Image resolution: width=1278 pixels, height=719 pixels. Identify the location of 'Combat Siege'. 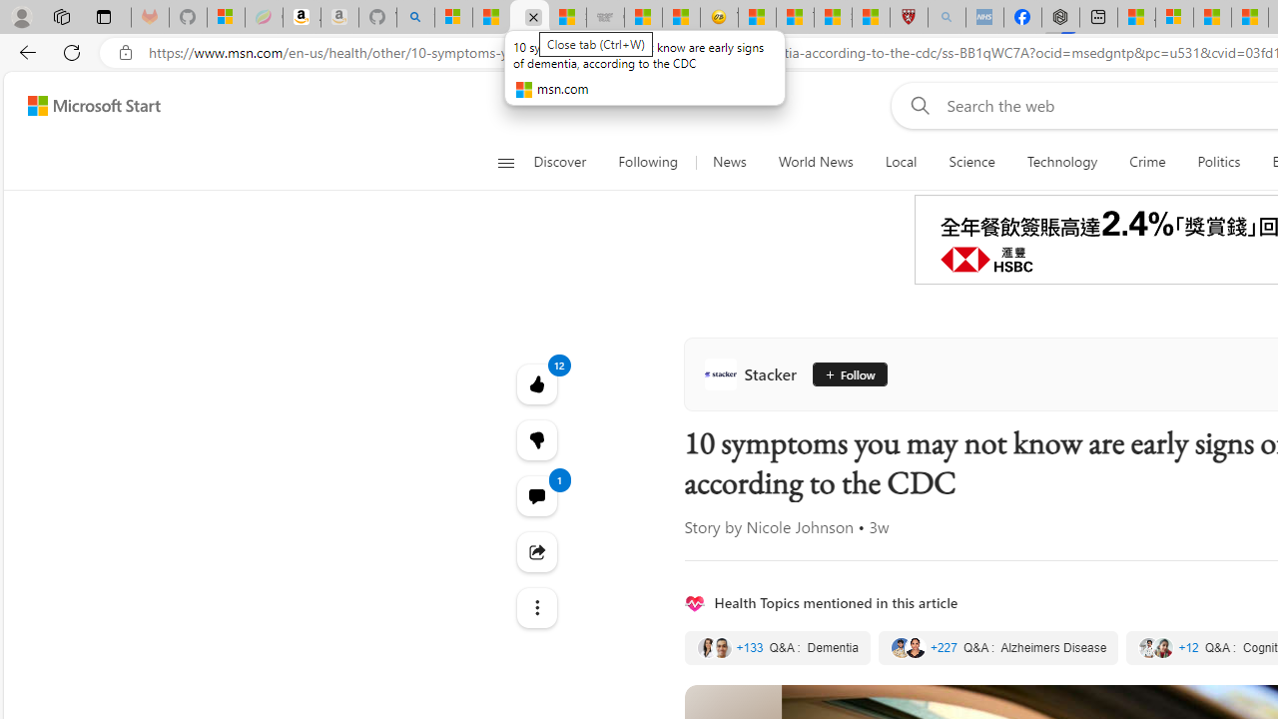
(604, 17).